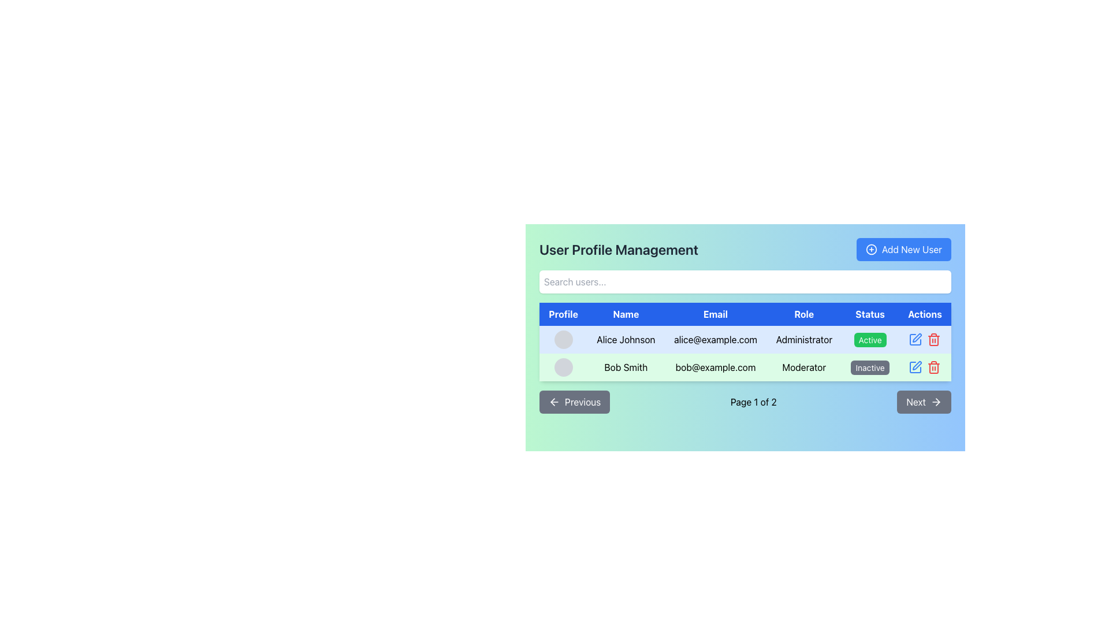 The width and height of the screenshot is (1109, 624). What do you see at coordinates (625, 314) in the screenshot?
I see `the 'Name' header label in the data table, which is the second item in the header row located between the 'Profile' and 'Email' columns` at bounding box center [625, 314].